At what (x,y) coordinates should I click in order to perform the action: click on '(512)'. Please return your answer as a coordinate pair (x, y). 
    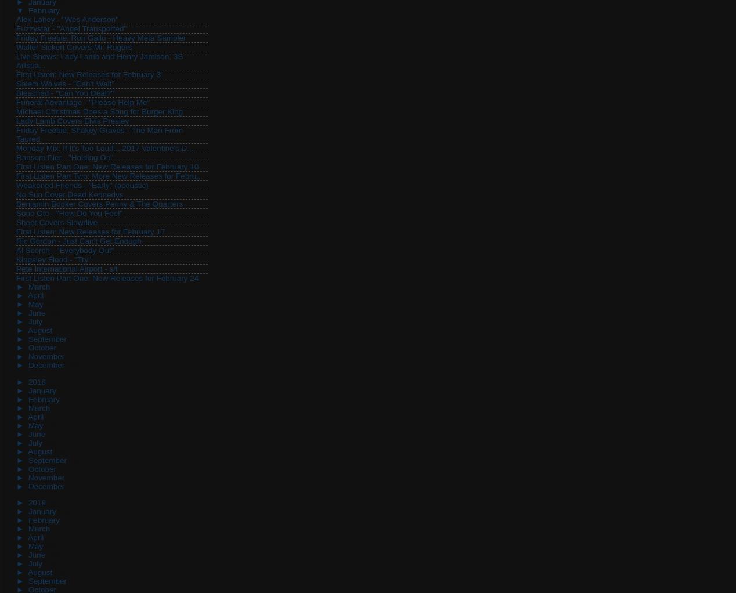
    Looking at the image, I should click on (57, 502).